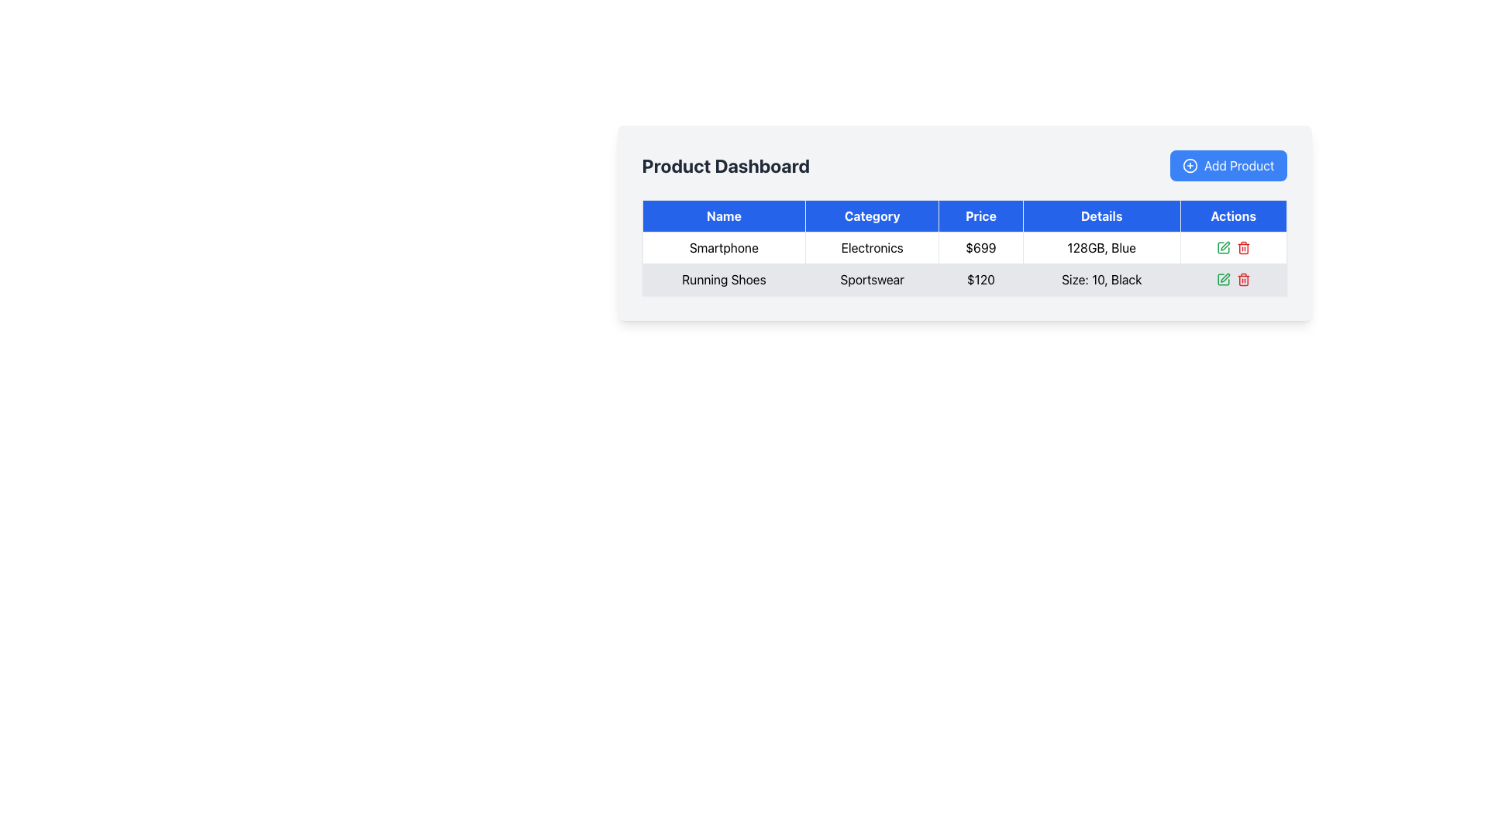  I want to click on the 'Add New Product' button located at the upper-right corner of the 'Product Dashboard', so click(1228, 165).